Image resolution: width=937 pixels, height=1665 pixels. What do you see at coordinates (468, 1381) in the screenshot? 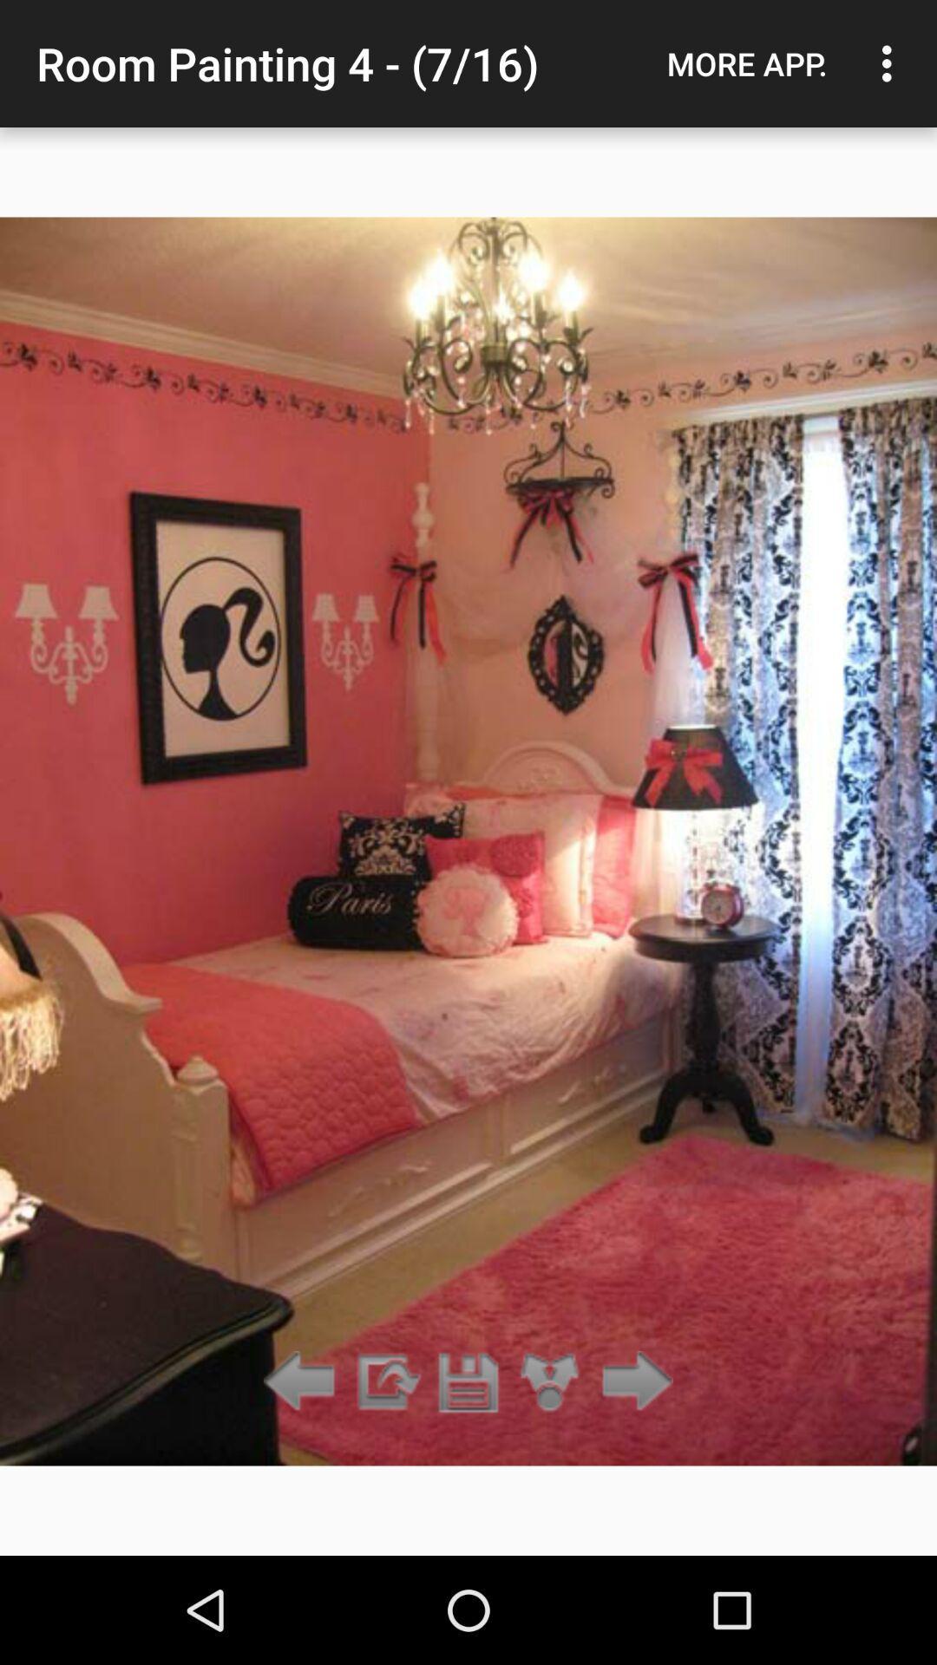
I see `the app below room painting 4 item` at bounding box center [468, 1381].